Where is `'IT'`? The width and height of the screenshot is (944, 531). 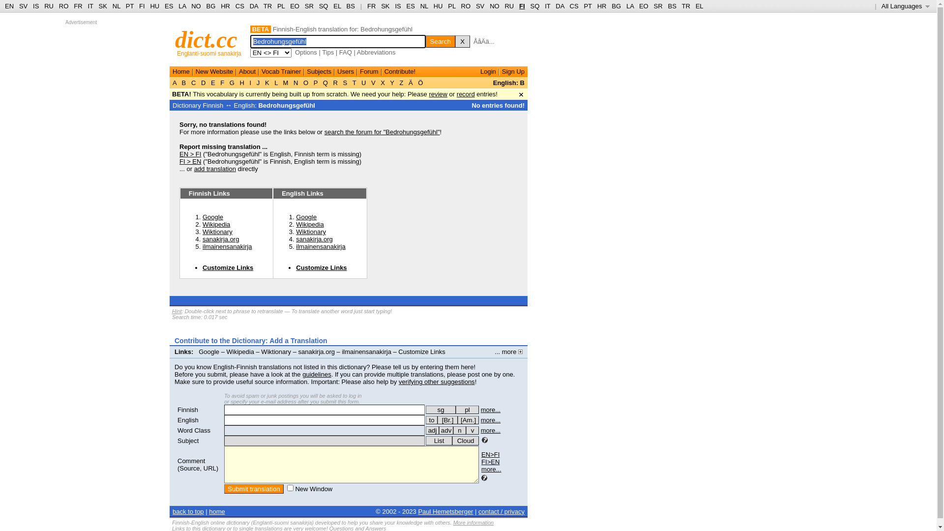 'IT' is located at coordinates (90, 6).